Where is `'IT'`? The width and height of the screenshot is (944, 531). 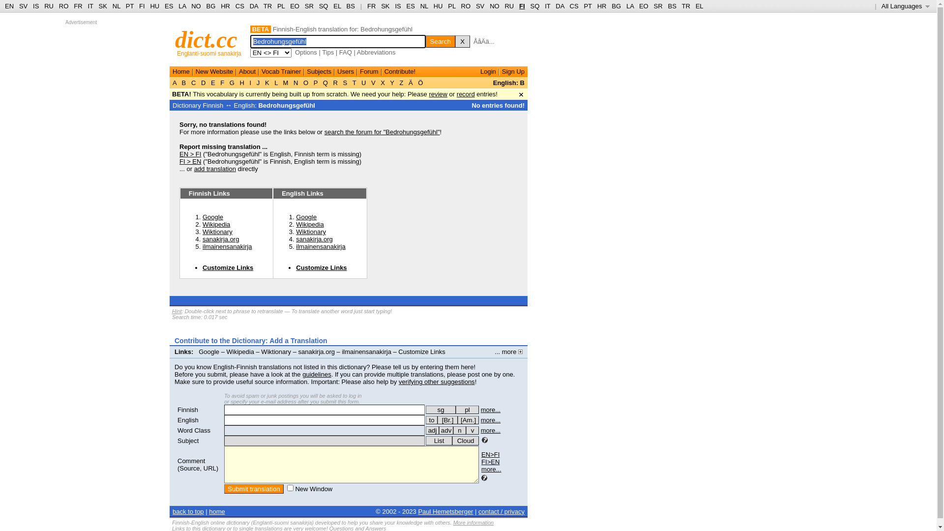 'IT' is located at coordinates (90, 6).